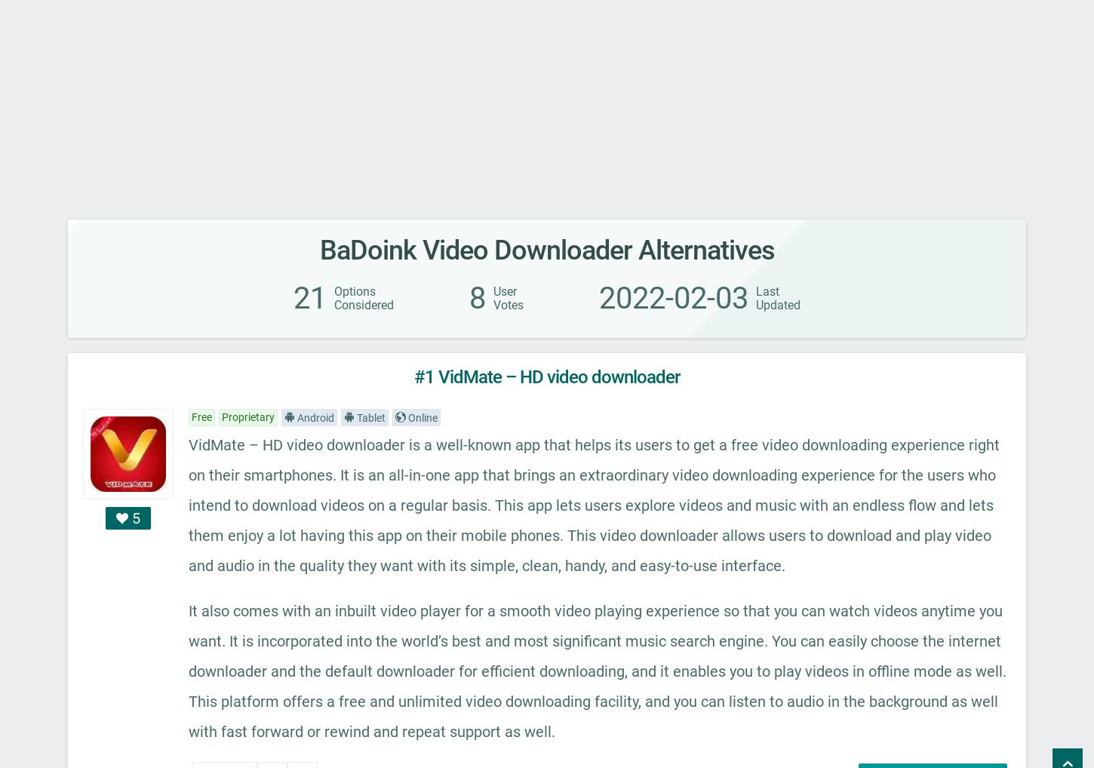 The image size is (1094, 768). I want to click on 'Updated', so click(778, 305).